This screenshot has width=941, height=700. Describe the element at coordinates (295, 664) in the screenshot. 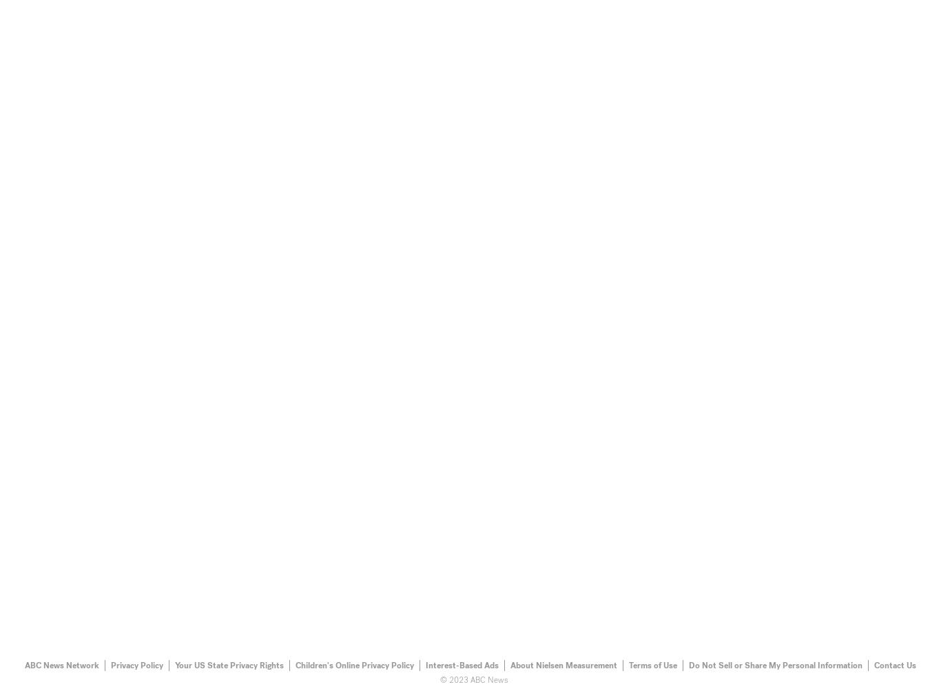

I see `'Children's Online Privacy Policy'` at that location.